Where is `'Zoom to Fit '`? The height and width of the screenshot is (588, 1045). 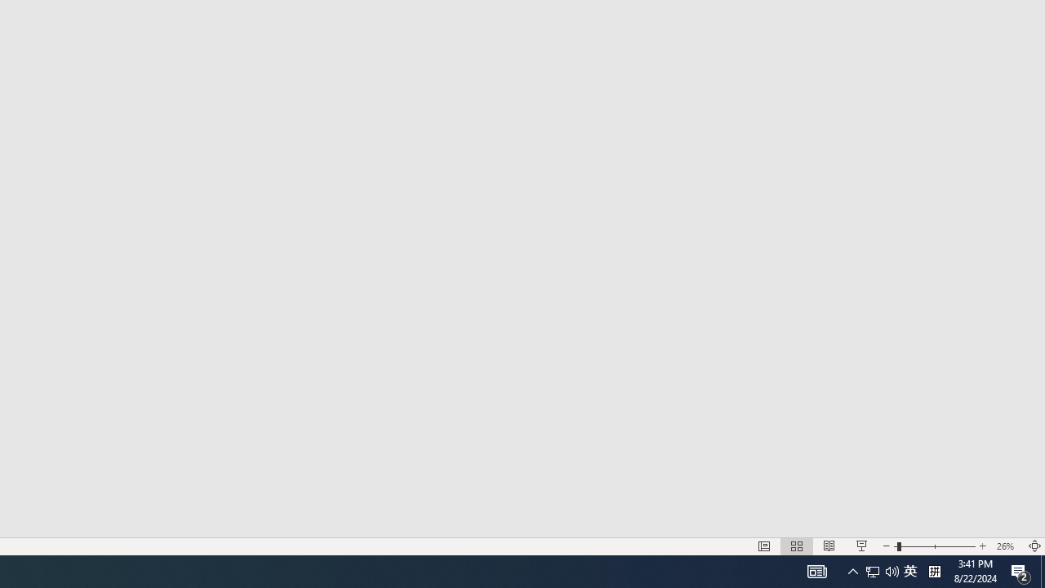 'Zoom to Fit ' is located at coordinates (1034, 546).